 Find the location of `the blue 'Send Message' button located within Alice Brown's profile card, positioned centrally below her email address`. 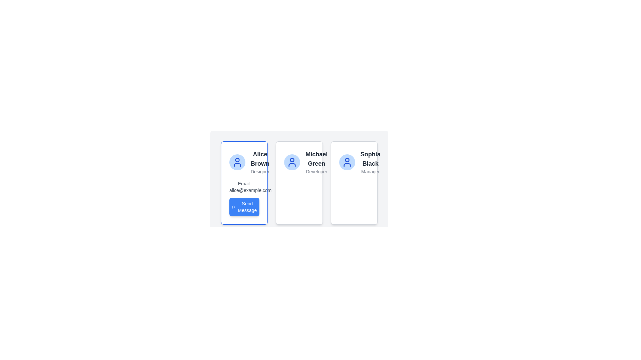

the blue 'Send Message' button located within Alice Brown's profile card, positioned centrally below her email address is located at coordinates (247, 207).